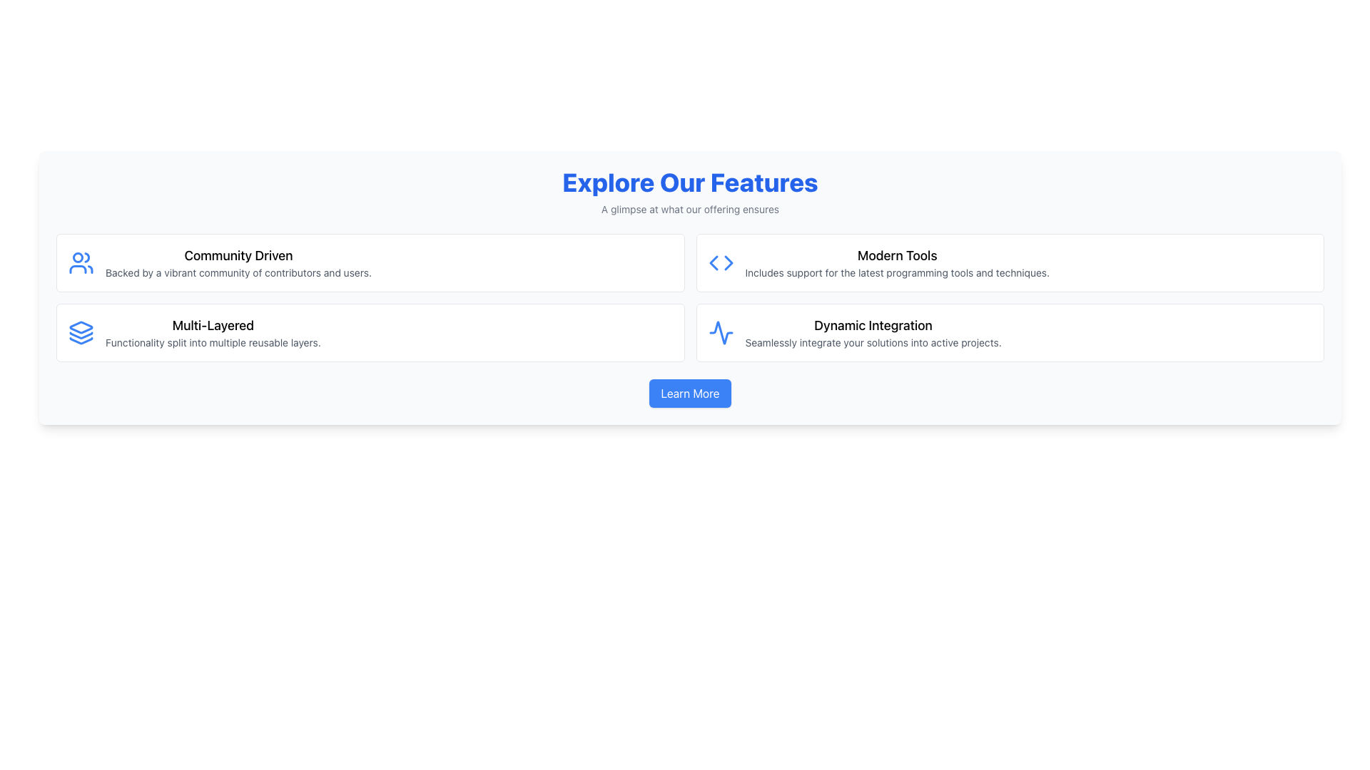  I want to click on the Text Label that reads 'Seamlessly integrate your solutions into active projects.' located below the title 'Dynamic Integration' in the lower right corner of its containing card, so click(873, 343).